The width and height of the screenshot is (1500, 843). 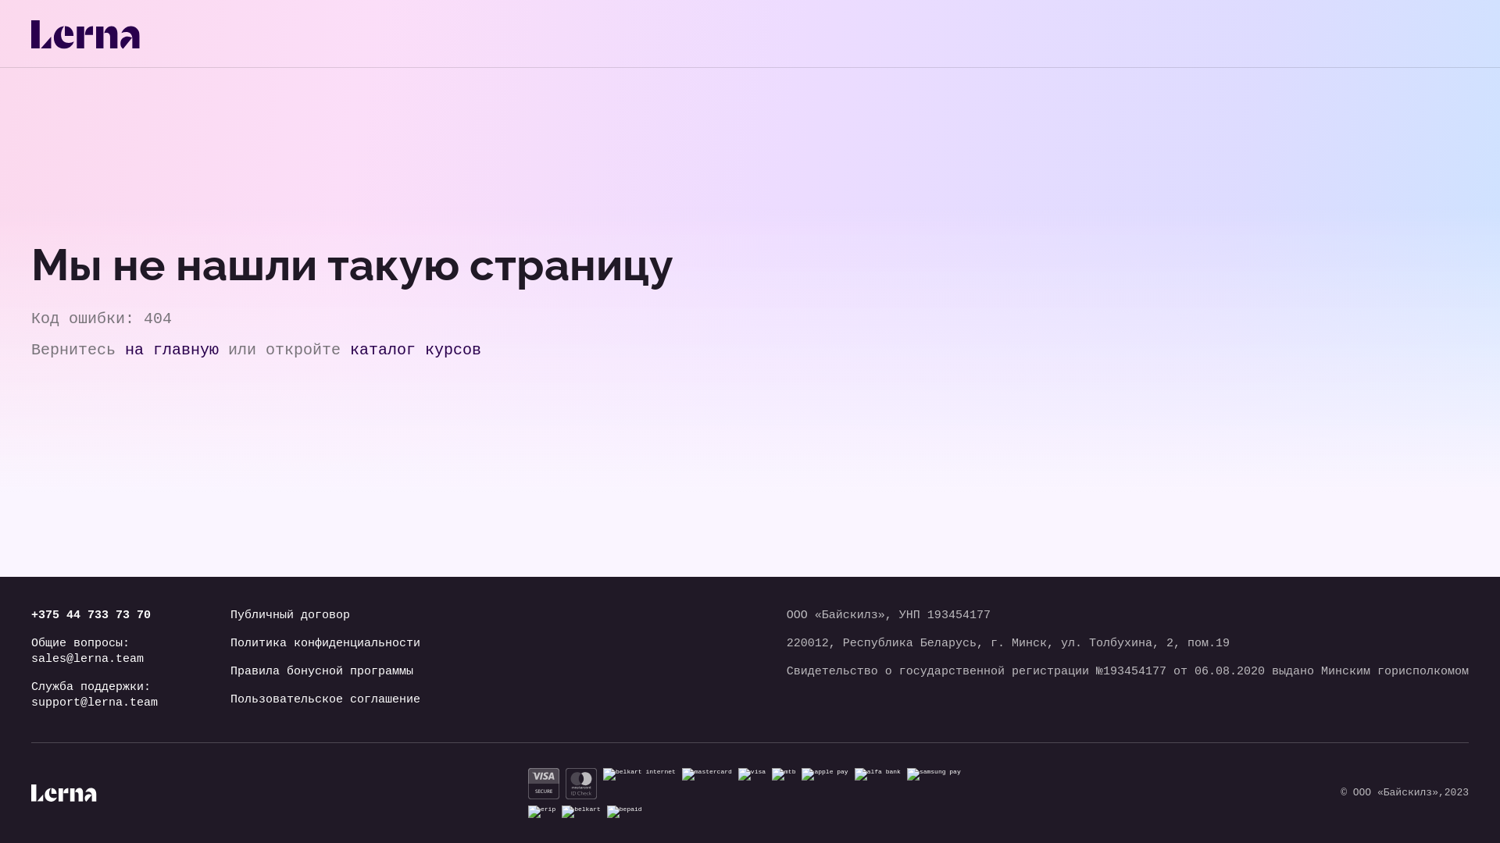 What do you see at coordinates (93, 615) in the screenshot?
I see `'+375 44 733 73 70'` at bounding box center [93, 615].